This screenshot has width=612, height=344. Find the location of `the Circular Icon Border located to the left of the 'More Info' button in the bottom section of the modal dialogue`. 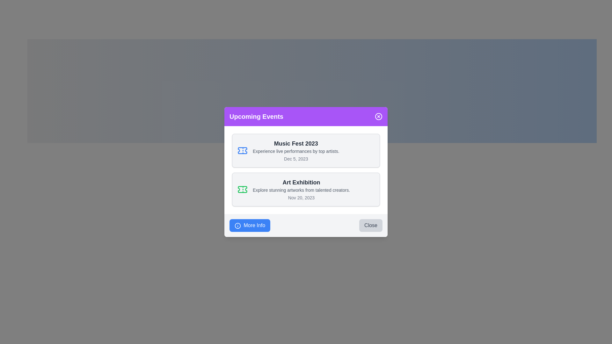

the Circular Icon Border located to the left of the 'More Info' button in the bottom section of the modal dialogue is located at coordinates (237, 225).